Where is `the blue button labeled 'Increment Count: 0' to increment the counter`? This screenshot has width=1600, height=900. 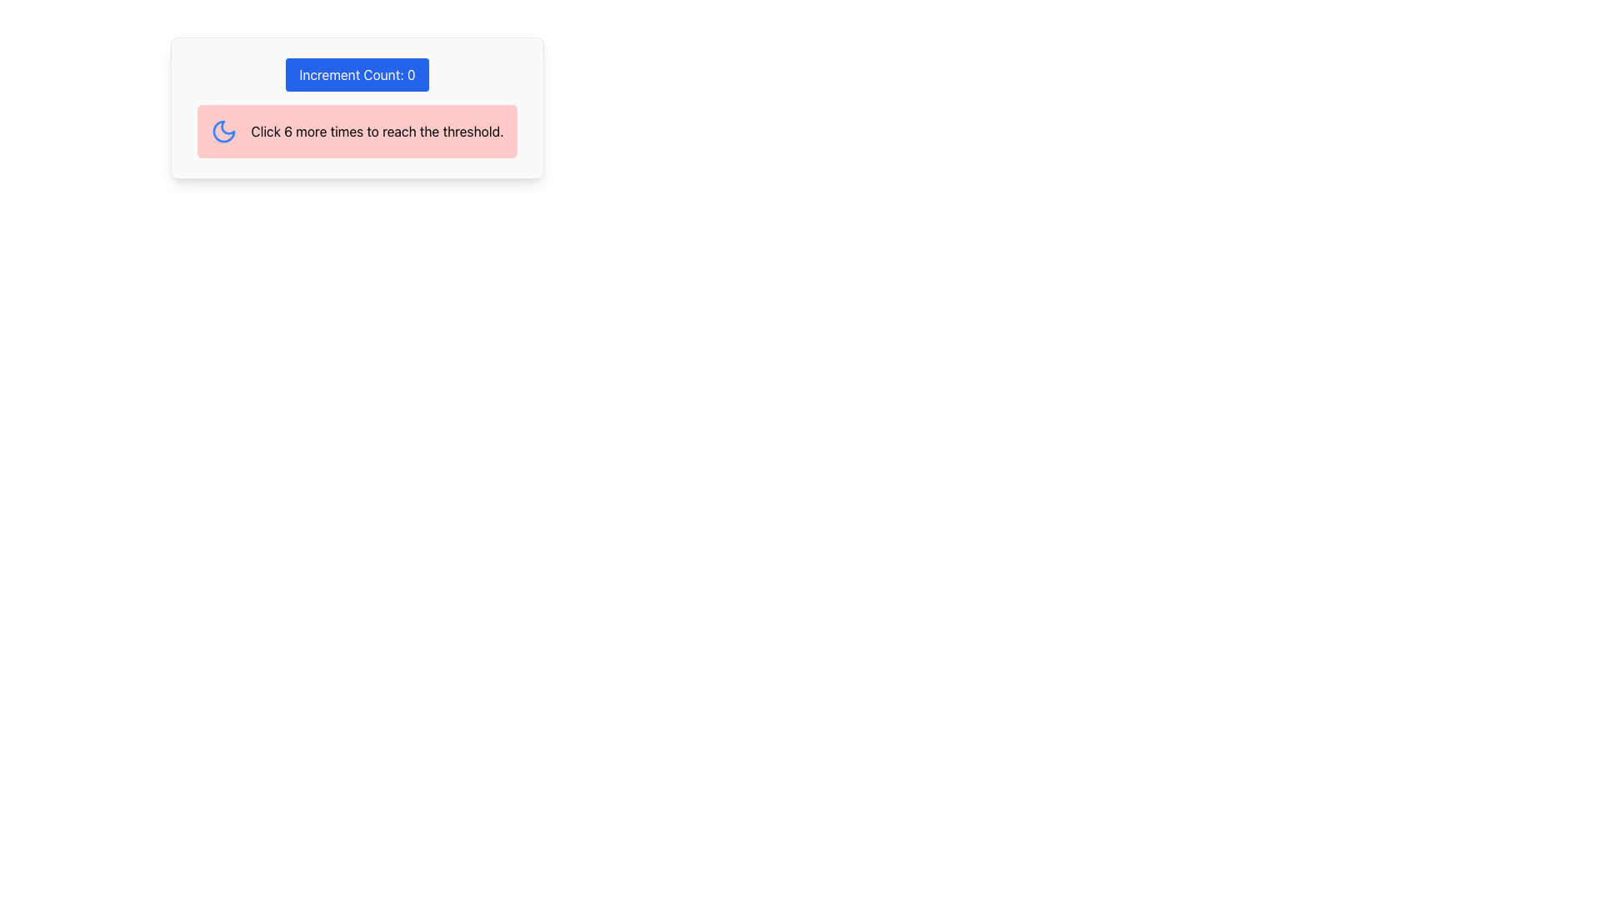
the blue button labeled 'Increment Count: 0' to increment the counter is located at coordinates (356, 73).